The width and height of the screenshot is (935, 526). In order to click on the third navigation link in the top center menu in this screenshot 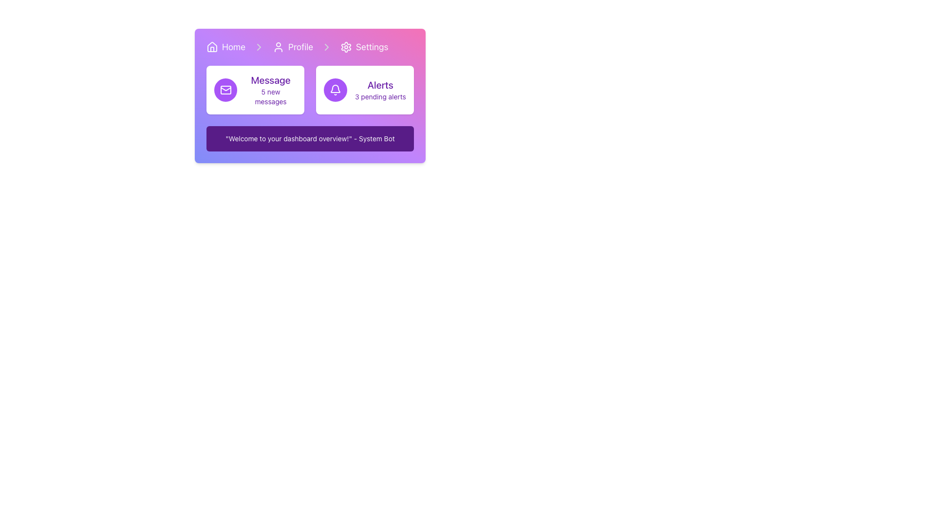, I will do `click(364, 47)`.